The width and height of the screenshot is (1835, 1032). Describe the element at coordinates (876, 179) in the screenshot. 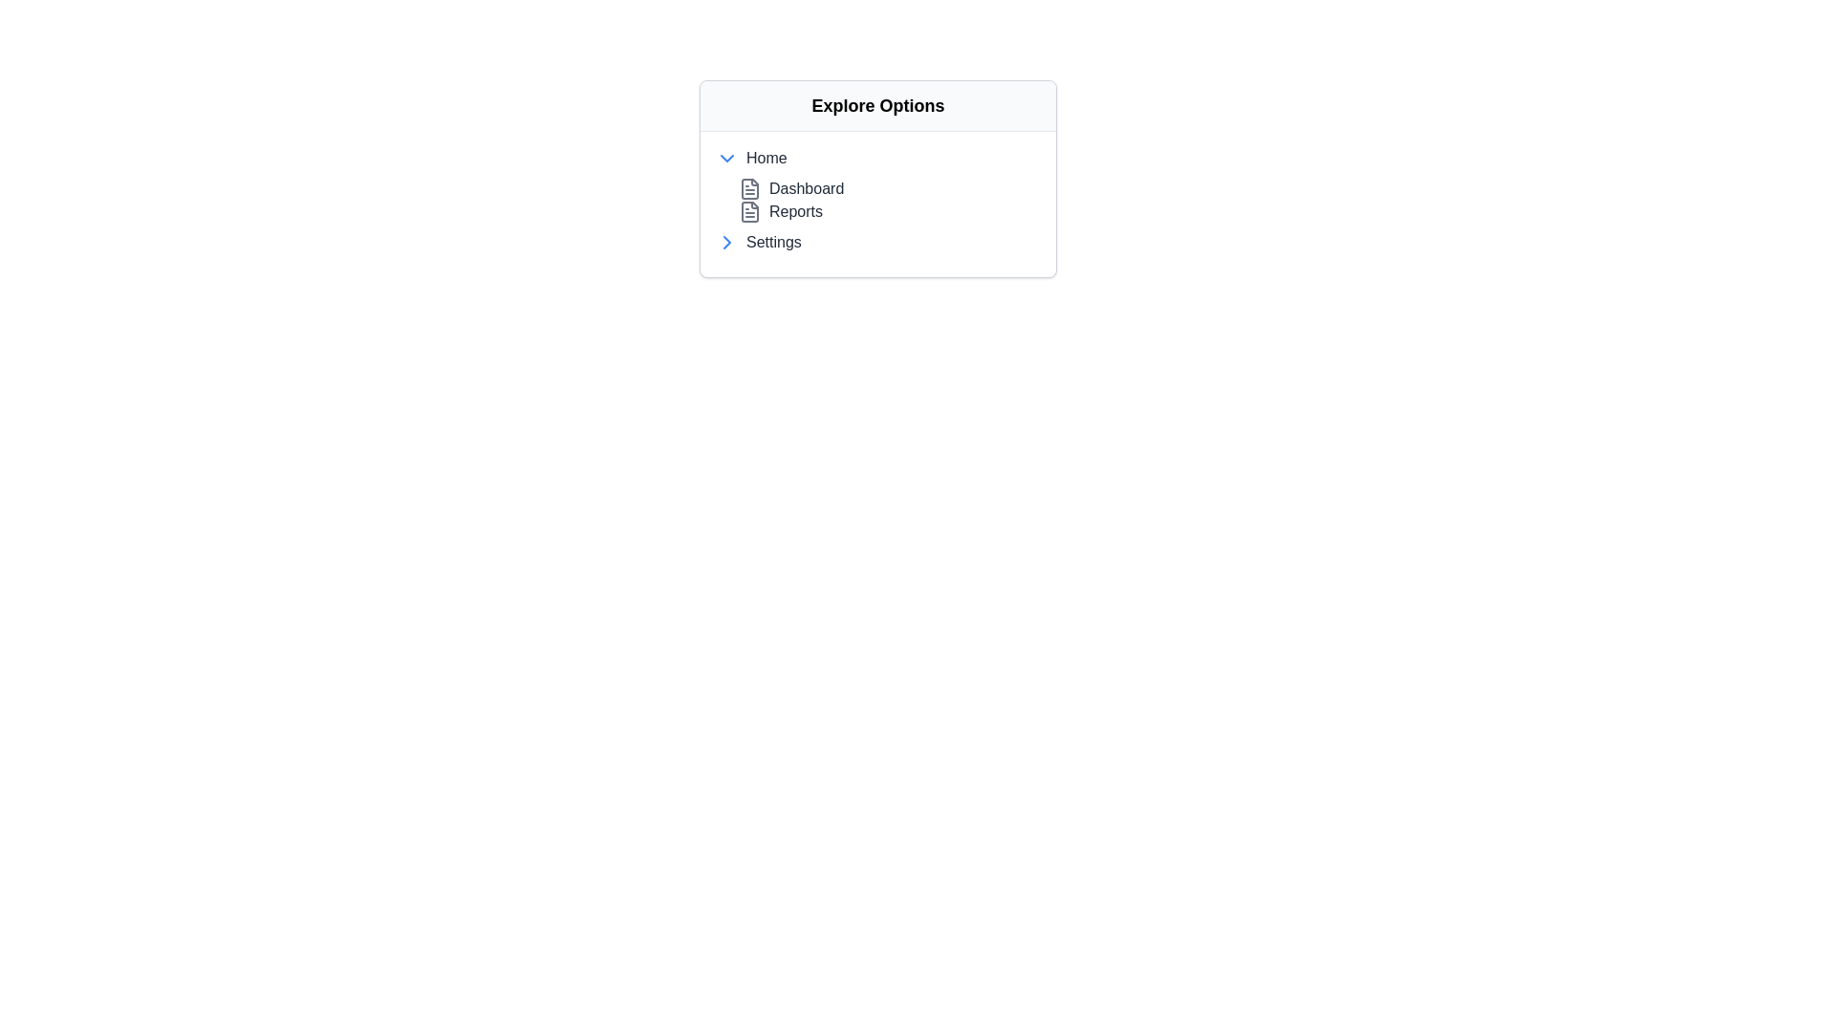

I see `the 'Explore Options' panel` at that location.